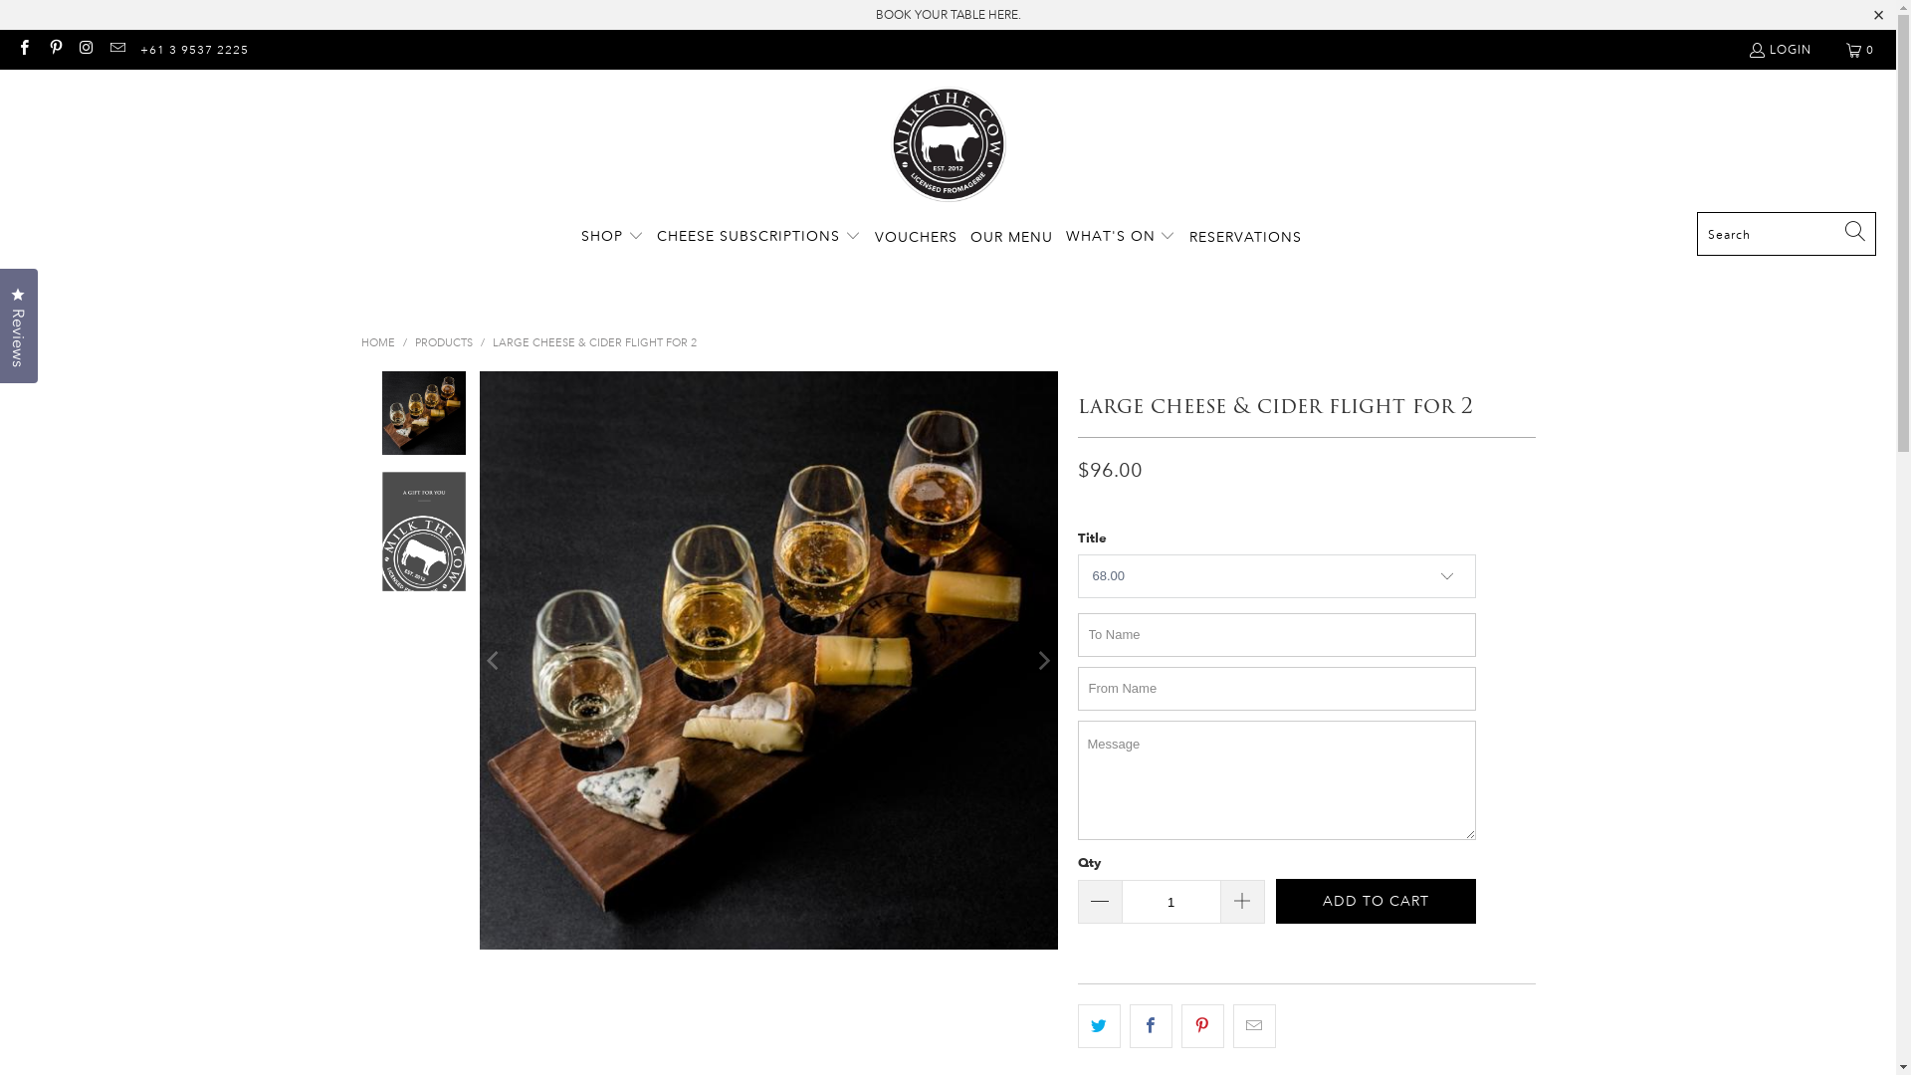 This screenshot has height=1075, width=1911. I want to click on 'Milk the Cow Licensed Fromagerie on Facebook', so click(23, 48).